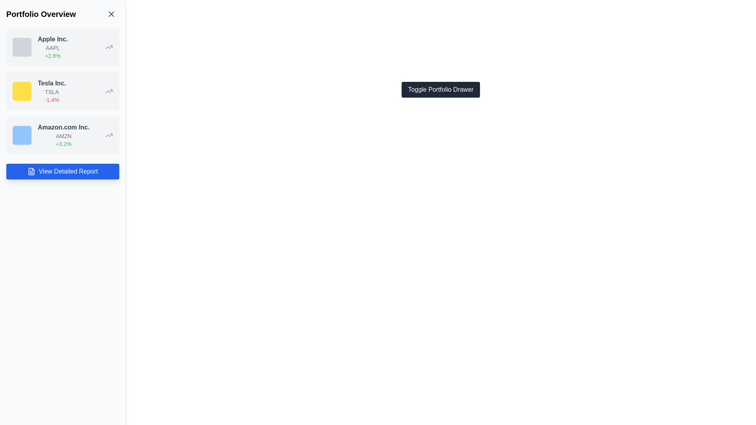 Image resolution: width=756 pixels, height=425 pixels. Describe the element at coordinates (109, 91) in the screenshot. I see `the upward trend icon located in the top-right corner of the 'Tesla Inc.' card for more details` at that location.